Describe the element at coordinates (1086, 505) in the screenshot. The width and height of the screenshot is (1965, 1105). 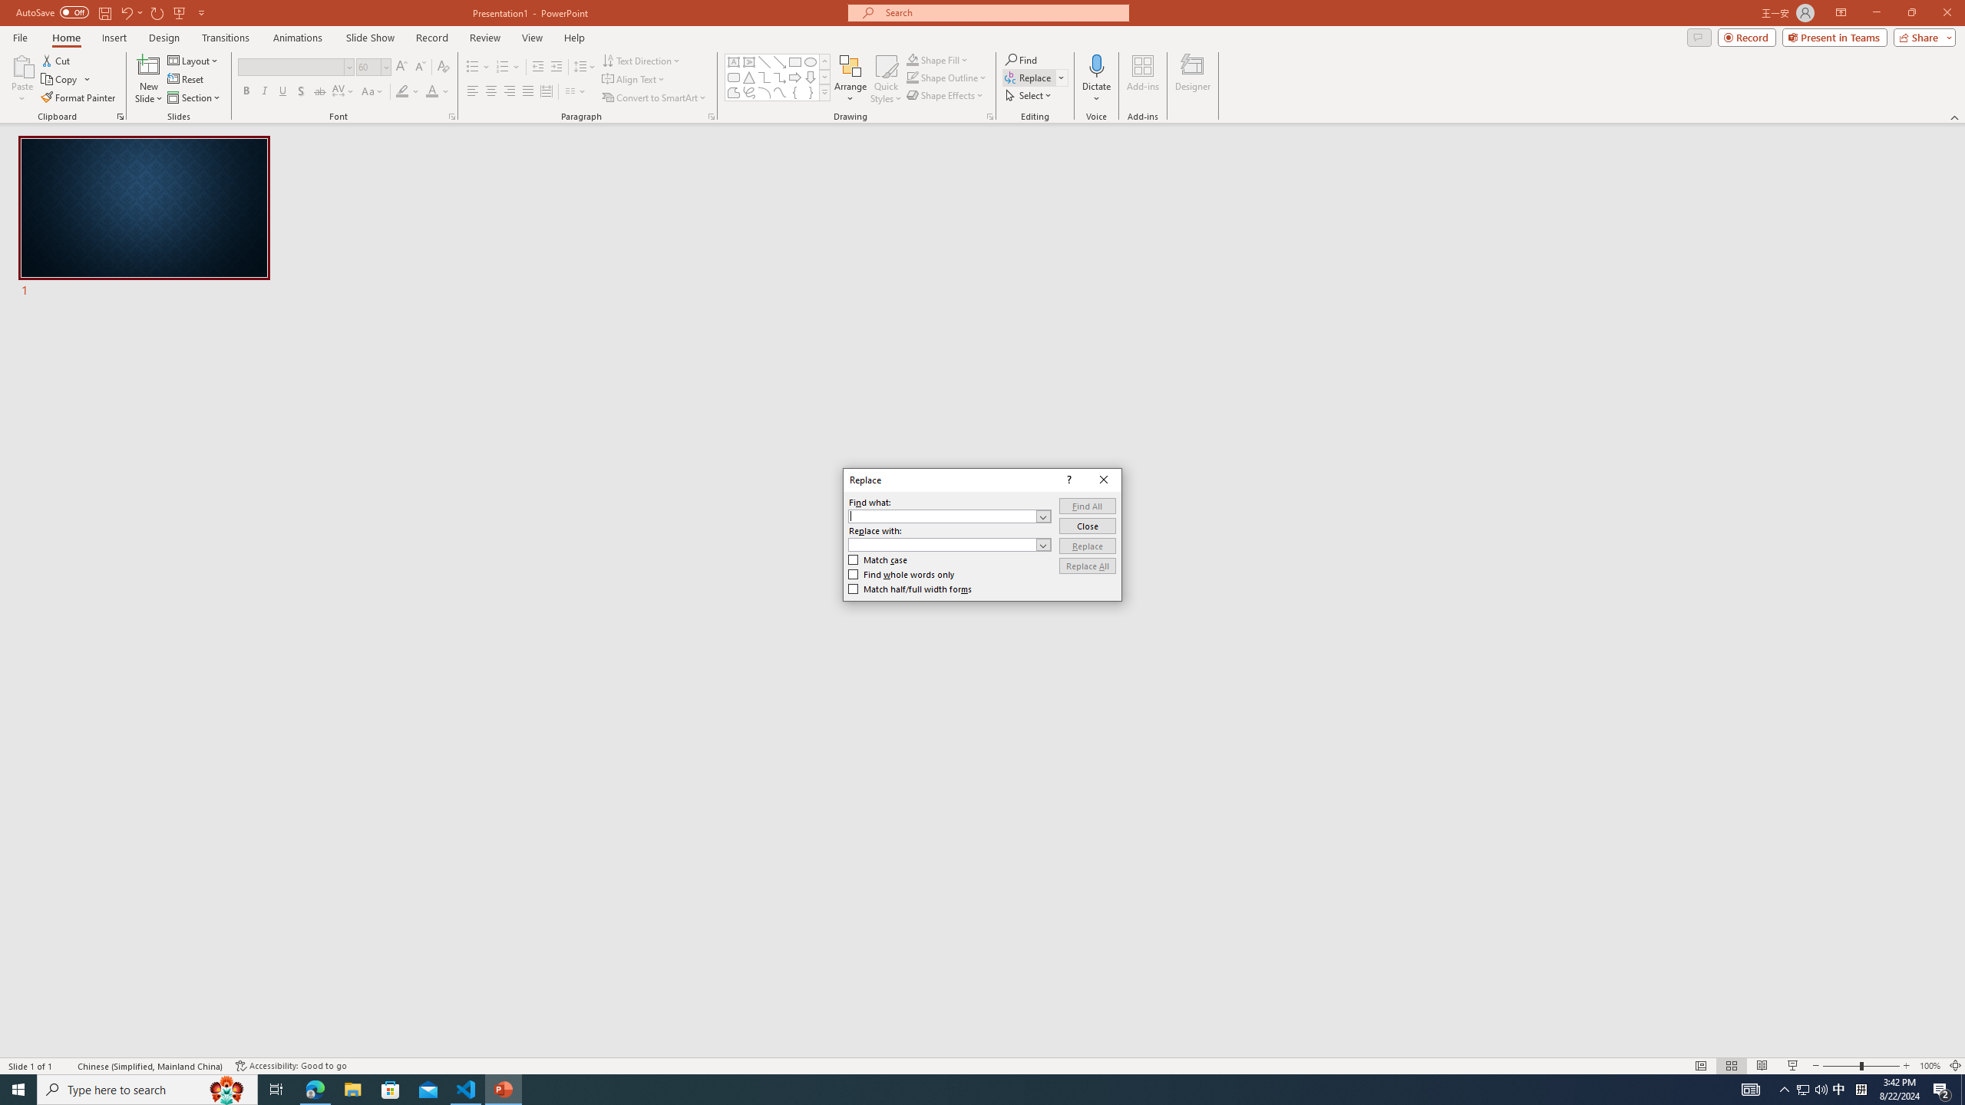
I see `'Find All'` at that location.